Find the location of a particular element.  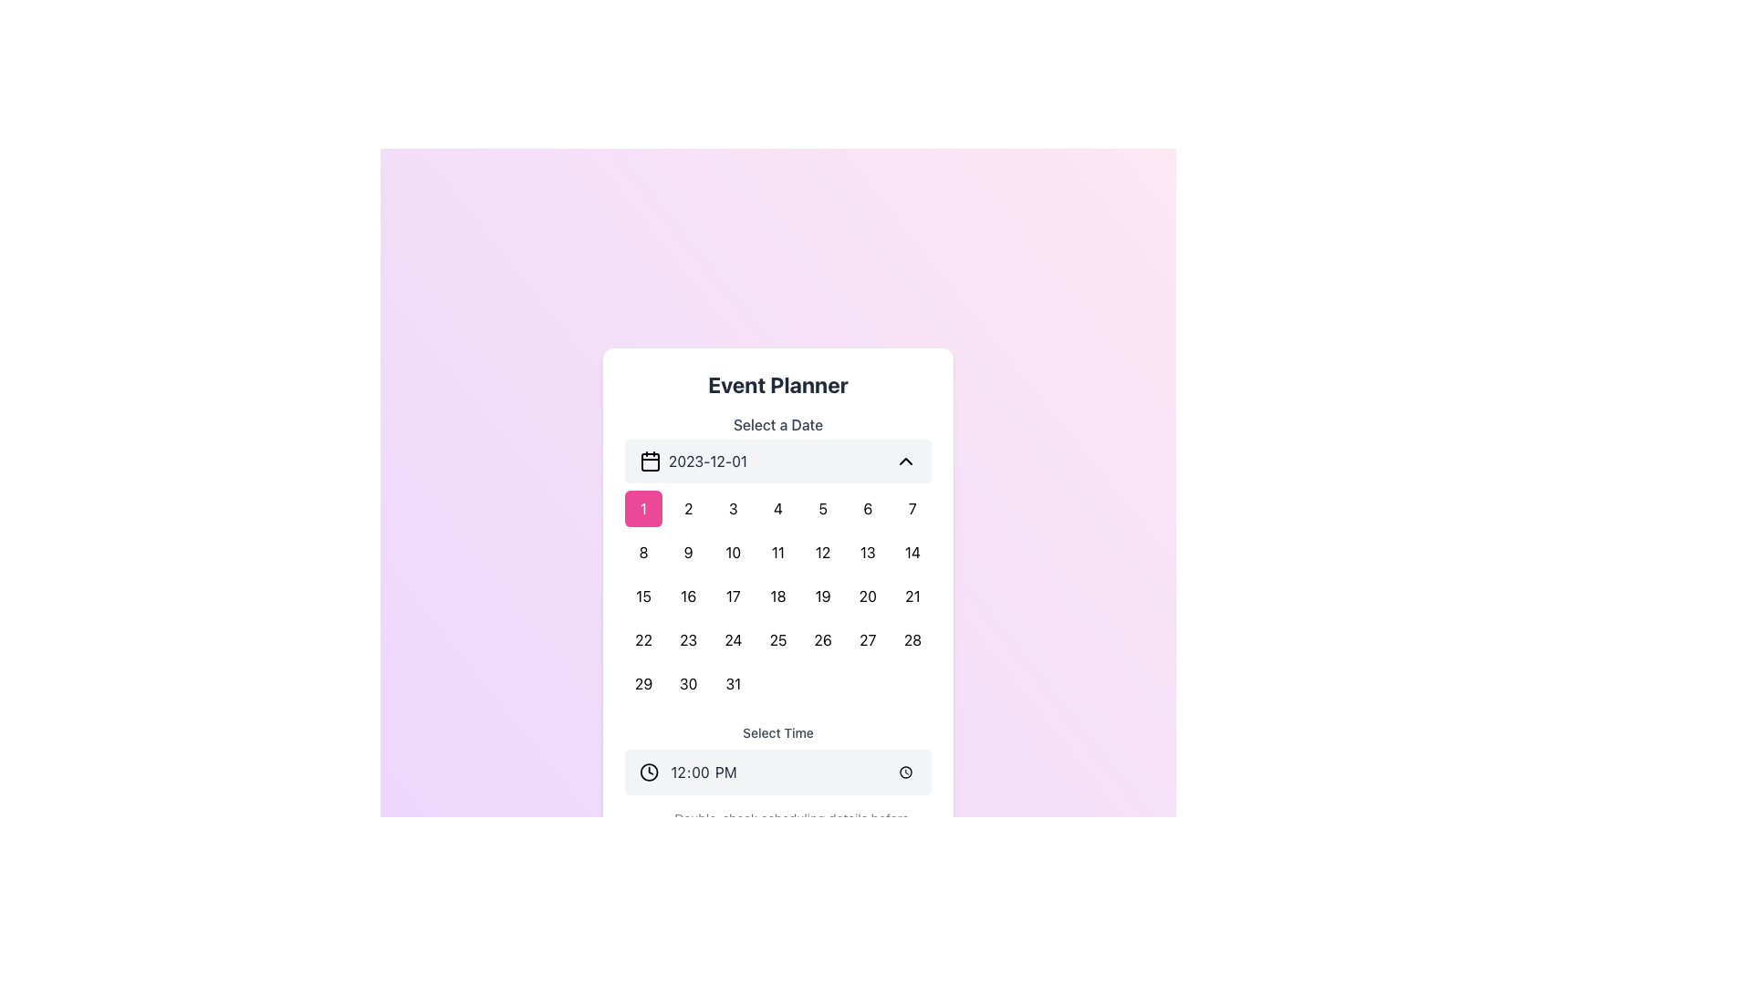

the day selector button for the 8th day of the displayed month in the calendar pop-up interface is located at coordinates (643, 551).